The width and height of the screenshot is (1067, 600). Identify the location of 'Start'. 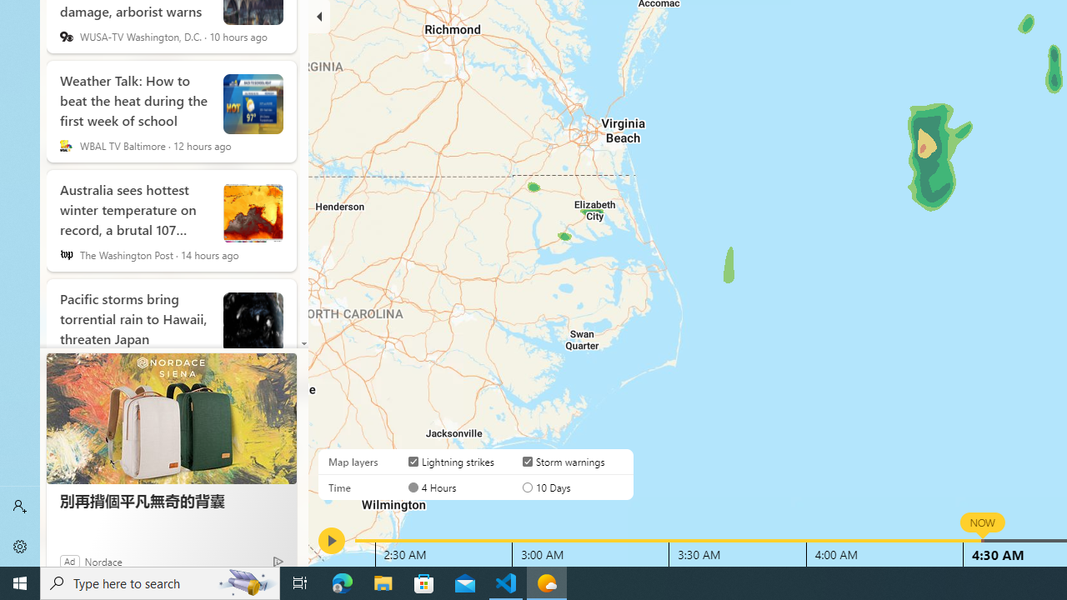
(20, 582).